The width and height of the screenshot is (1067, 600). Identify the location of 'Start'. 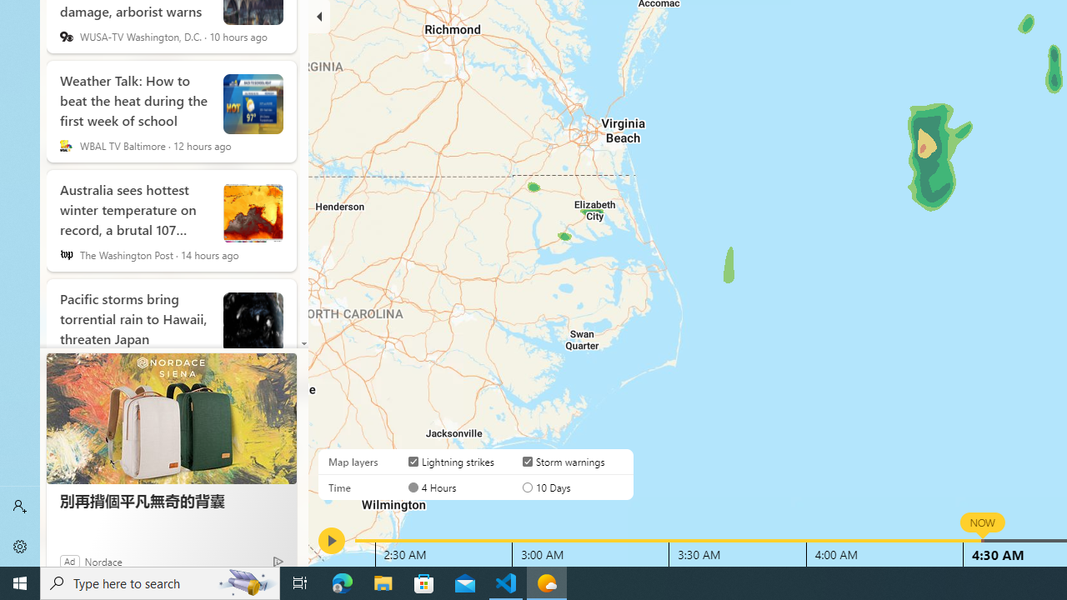
(20, 582).